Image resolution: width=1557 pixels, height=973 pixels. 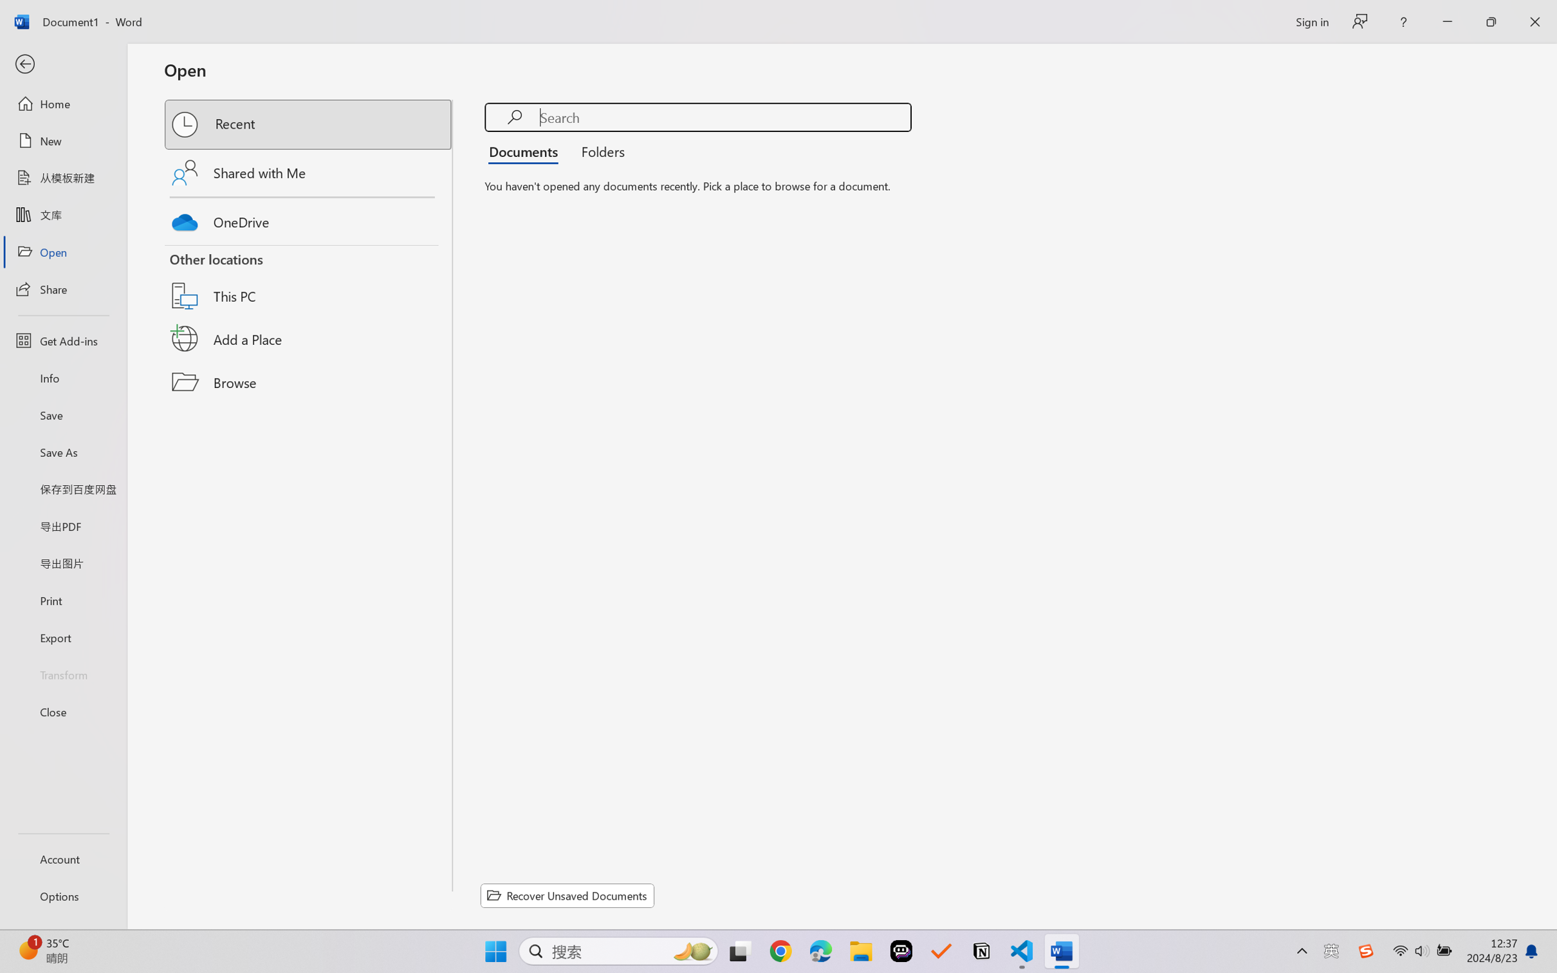 What do you see at coordinates (62, 636) in the screenshot?
I see `'Export'` at bounding box center [62, 636].